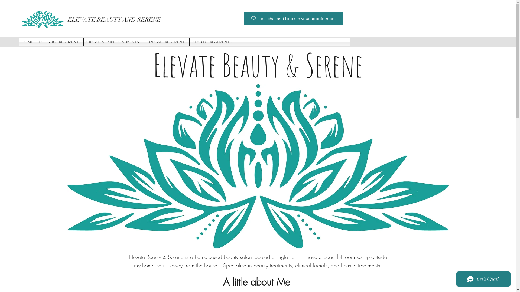 This screenshot has width=520, height=292. Describe the element at coordinates (165, 41) in the screenshot. I see `'CLINICAL TREATMENTS'` at that location.